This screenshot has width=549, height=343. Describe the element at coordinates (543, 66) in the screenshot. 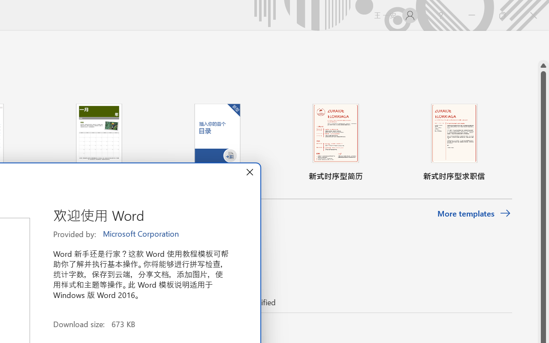

I see `'Line up'` at that location.